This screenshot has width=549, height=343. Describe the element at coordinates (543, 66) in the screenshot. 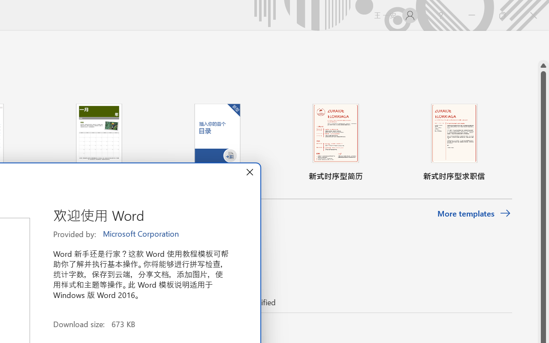

I see `'Line up'` at that location.